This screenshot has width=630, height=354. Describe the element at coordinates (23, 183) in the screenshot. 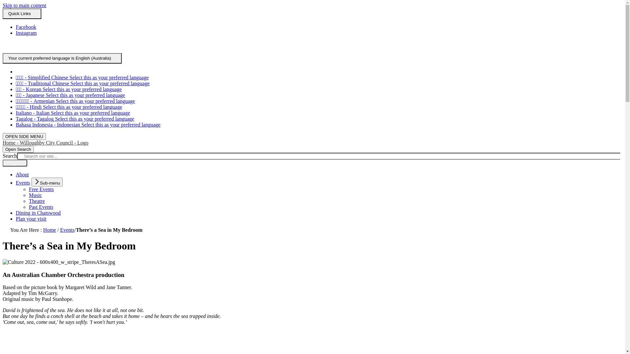

I see `'Events'` at that location.